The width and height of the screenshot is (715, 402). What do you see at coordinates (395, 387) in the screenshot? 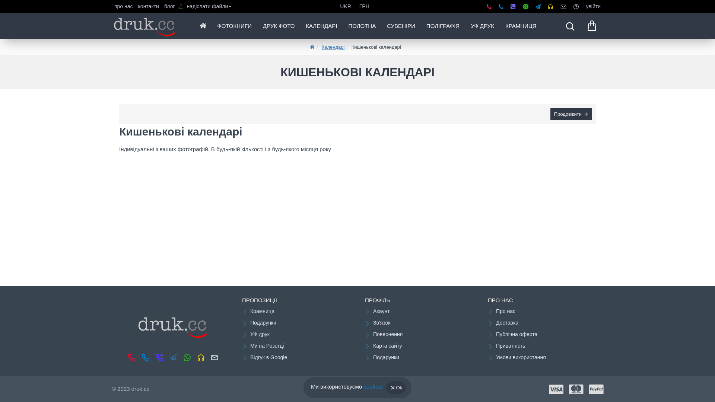
I see `'Ok'` at bounding box center [395, 387].